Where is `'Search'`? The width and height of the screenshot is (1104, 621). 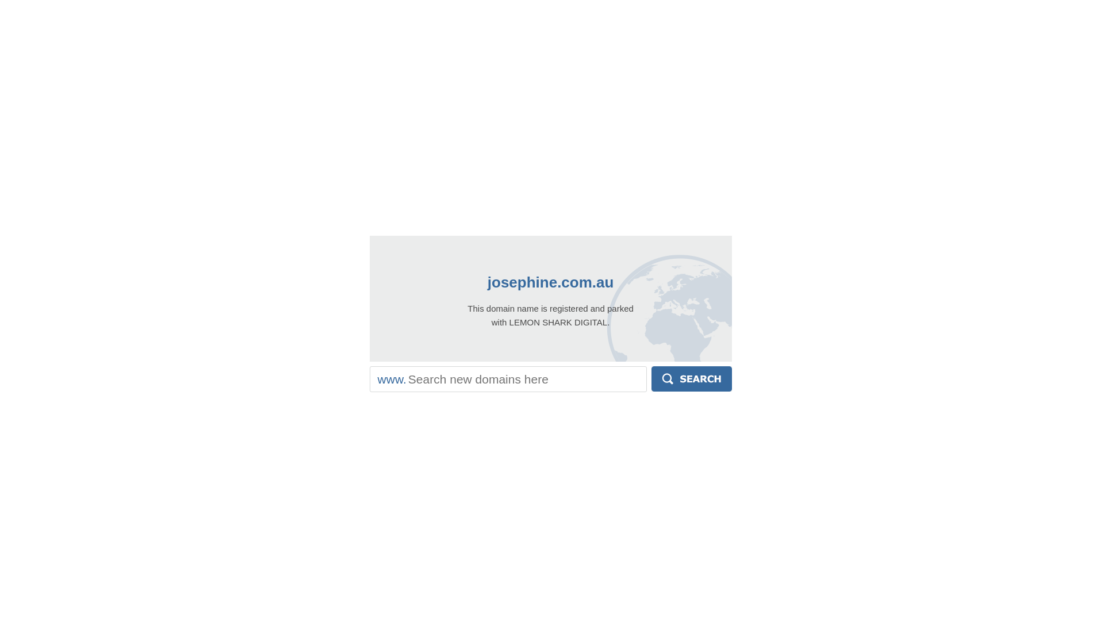
'Search' is located at coordinates (691, 379).